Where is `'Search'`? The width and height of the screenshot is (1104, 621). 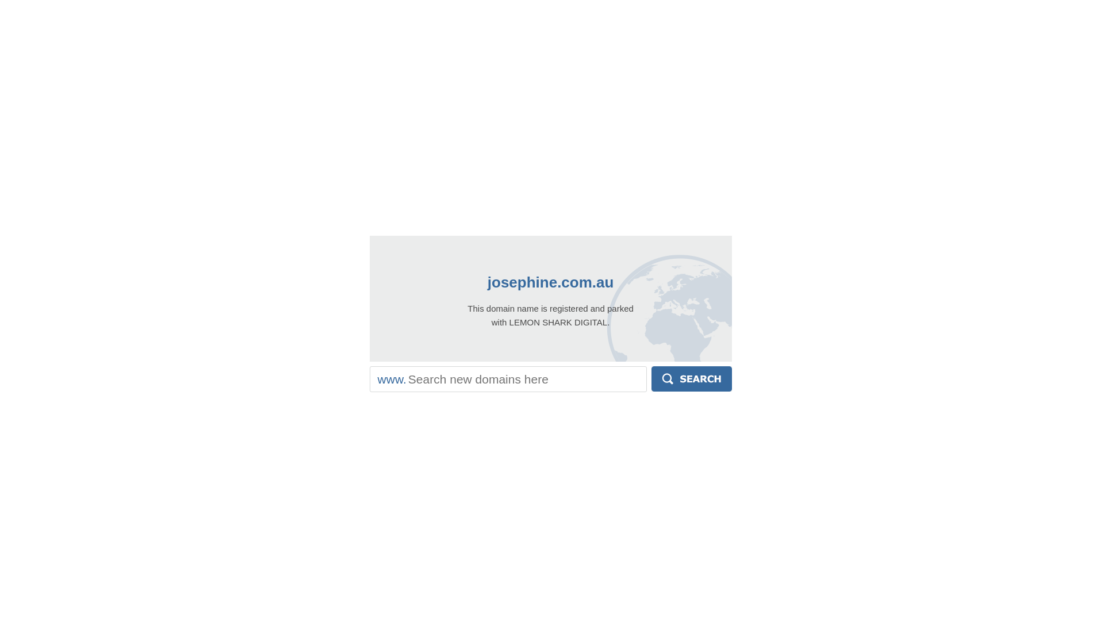
'Search' is located at coordinates (691, 379).